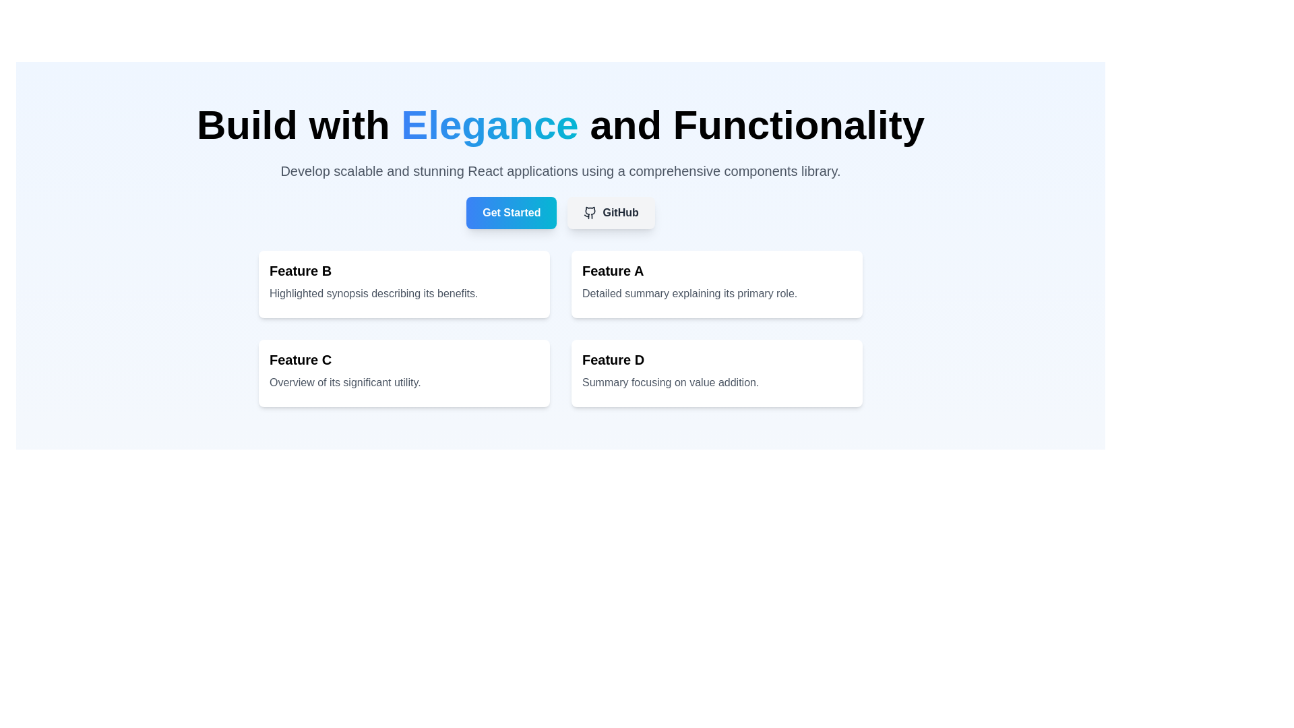 The width and height of the screenshot is (1294, 728). I want to click on descriptive summary text related to 'Feature A' which is located below its title in the top-right feature card, so click(716, 293).